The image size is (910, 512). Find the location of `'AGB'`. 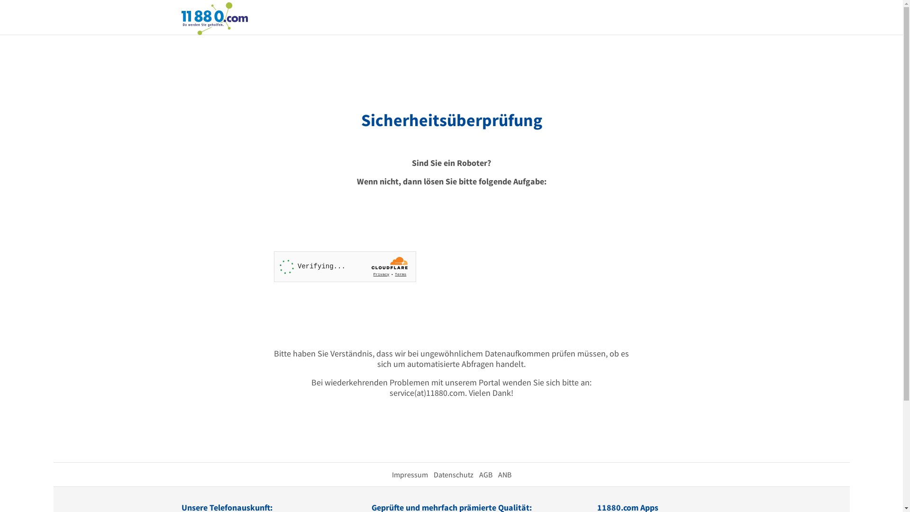

'AGB' is located at coordinates (478, 475).